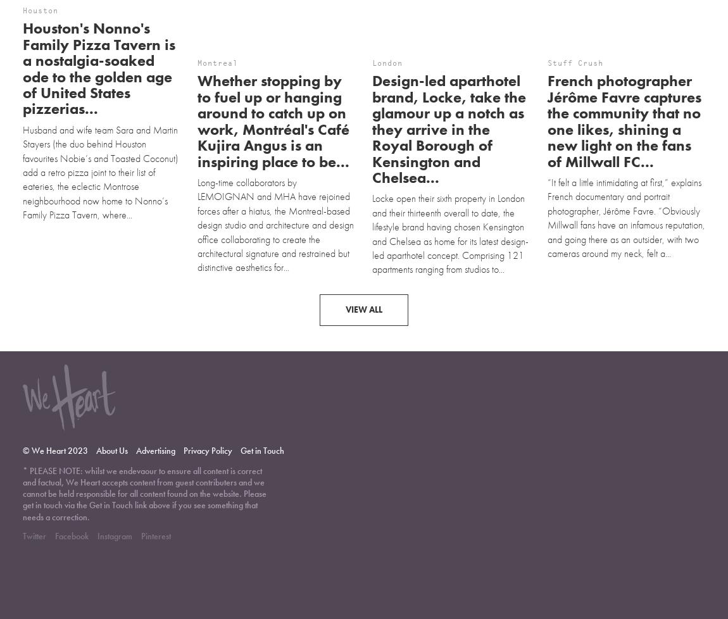 Image resolution: width=728 pixels, height=619 pixels. Describe the element at coordinates (275, 171) in the screenshot. I see `'Long-time collaborators by LEMOIGNAN and MHA have rejoined forces after a hiatus, the Montreal-based design studio and architecture and design office collaborating to create the architectural signature and restrained but distinctive aesthetics for...'` at that location.